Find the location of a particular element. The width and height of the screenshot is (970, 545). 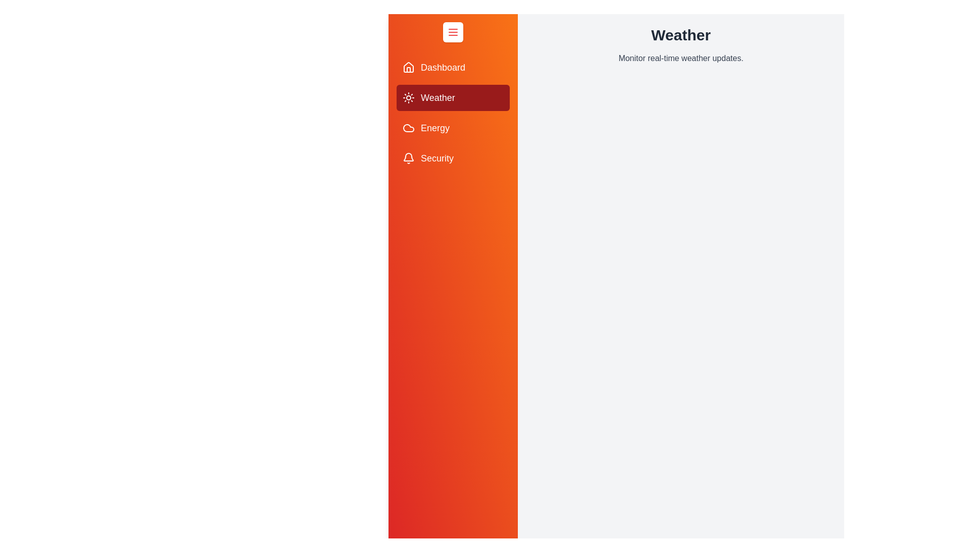

button with the menu icon to toggle the drawer is located at coordinates (453, 32).